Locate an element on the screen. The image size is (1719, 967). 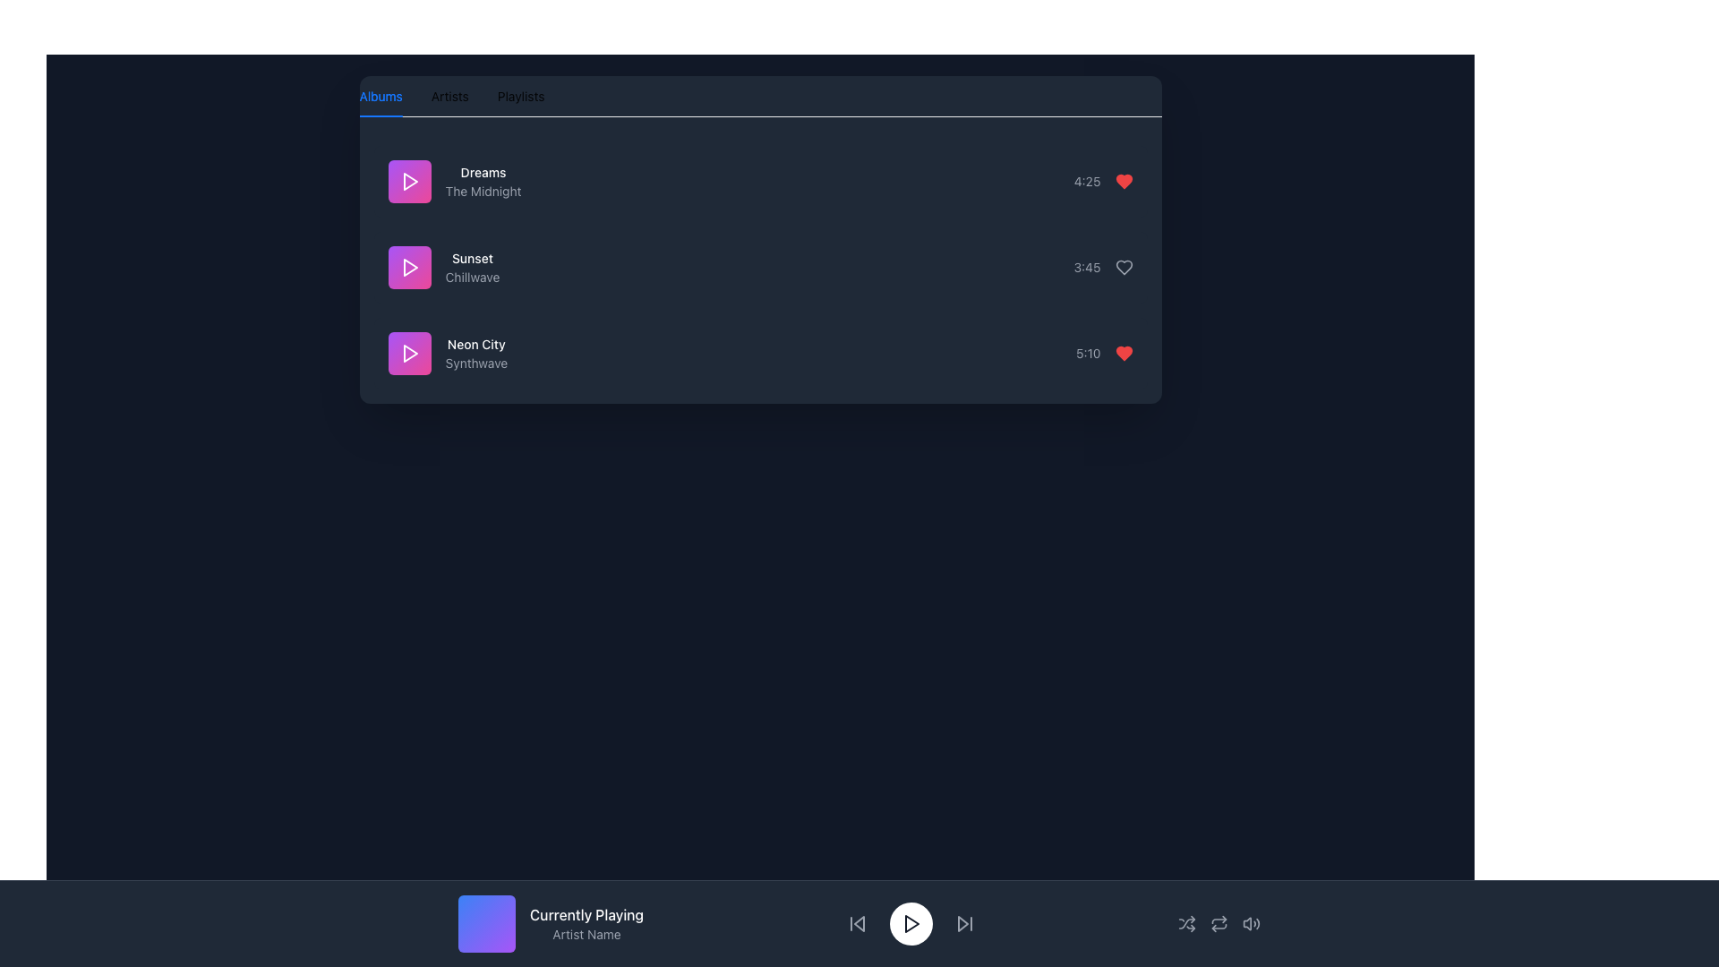
the sound control icon graphic, which is the third icon from the right in the lower control bar is located at coordinates (1257, 924).